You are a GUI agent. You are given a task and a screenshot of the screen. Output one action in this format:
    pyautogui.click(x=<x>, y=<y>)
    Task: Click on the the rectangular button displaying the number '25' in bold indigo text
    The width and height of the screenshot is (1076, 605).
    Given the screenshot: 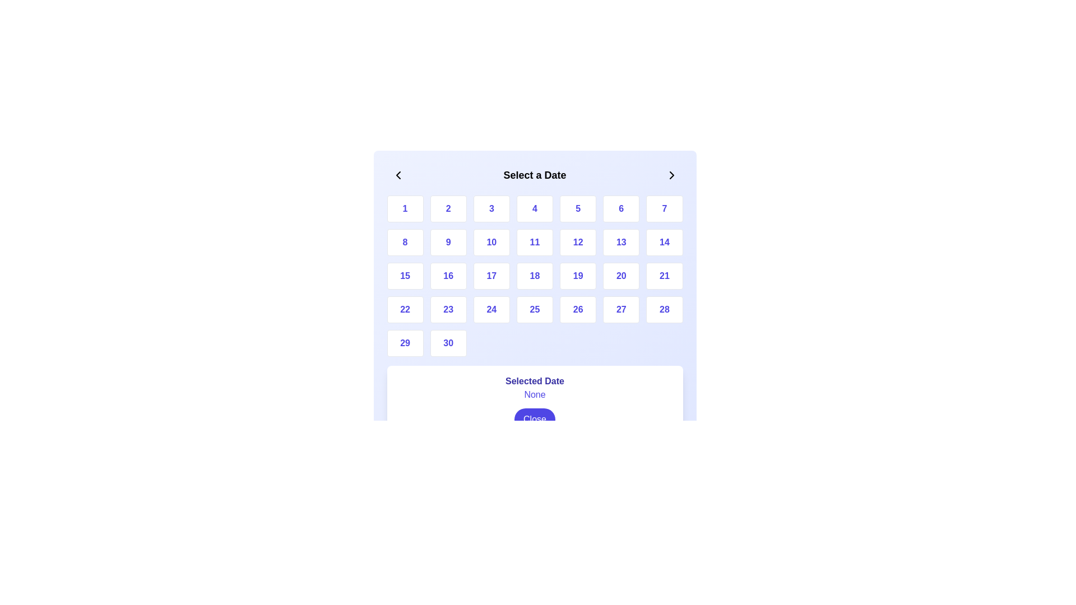 What is the action you would take?
    pyautogui.click(x=534, y=309)
    